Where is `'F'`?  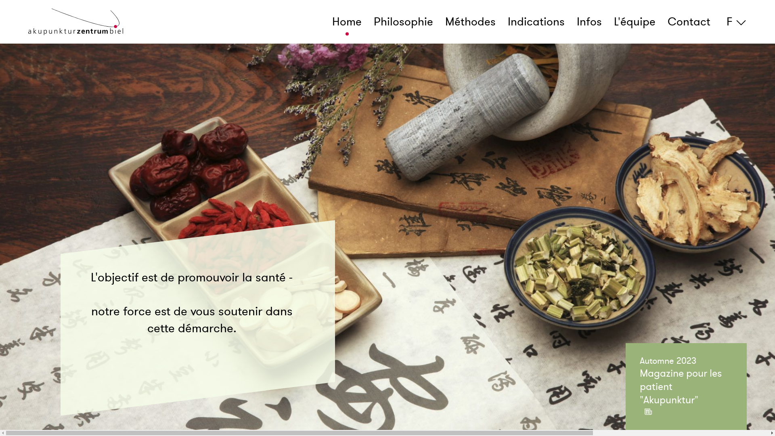
'F' is located at coordinates (734, 21).